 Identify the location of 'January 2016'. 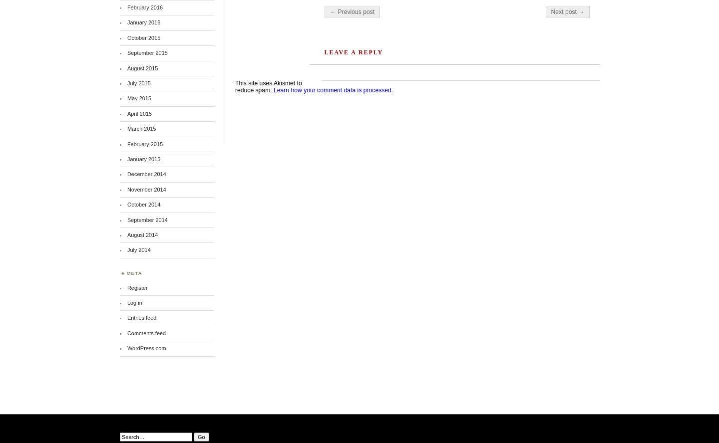
(143, 22).